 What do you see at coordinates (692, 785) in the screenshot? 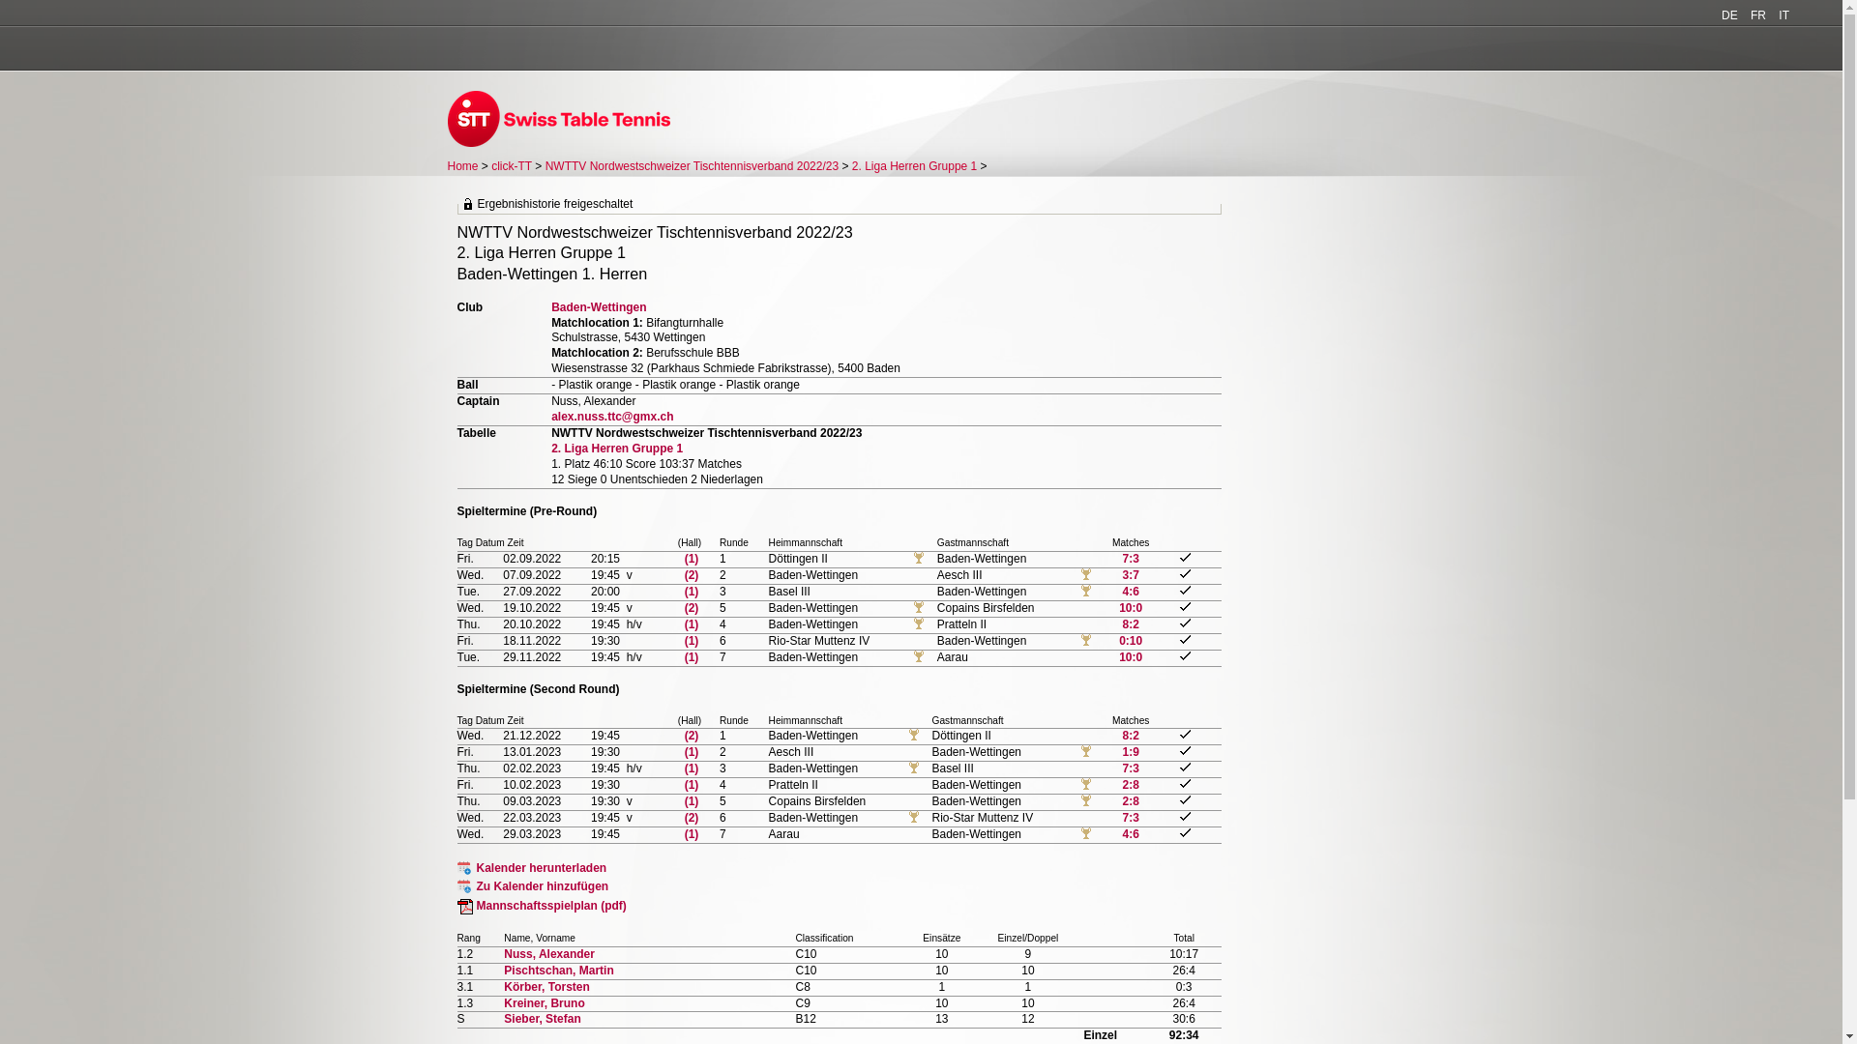
I see `'(1)'` at bounding box center [692, 785].